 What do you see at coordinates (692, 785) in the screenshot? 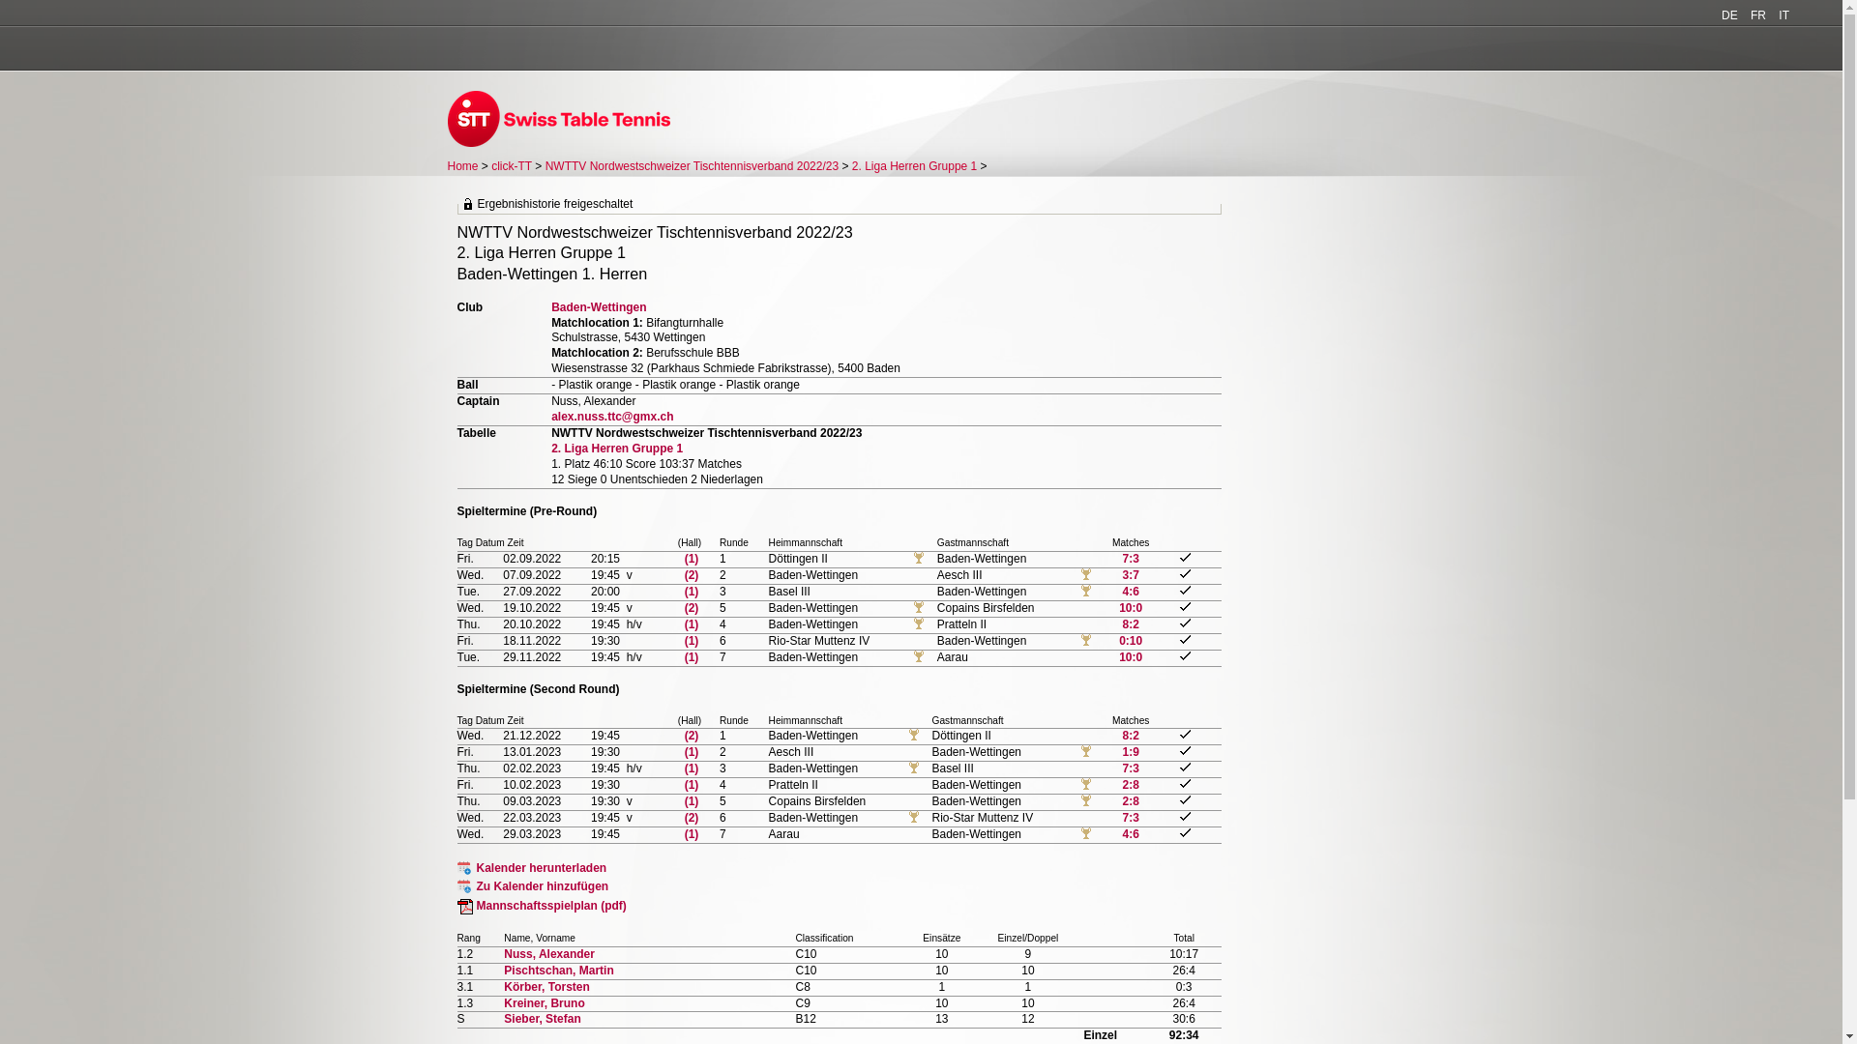
I see `'(1)'` at bounding box center [692, 785].